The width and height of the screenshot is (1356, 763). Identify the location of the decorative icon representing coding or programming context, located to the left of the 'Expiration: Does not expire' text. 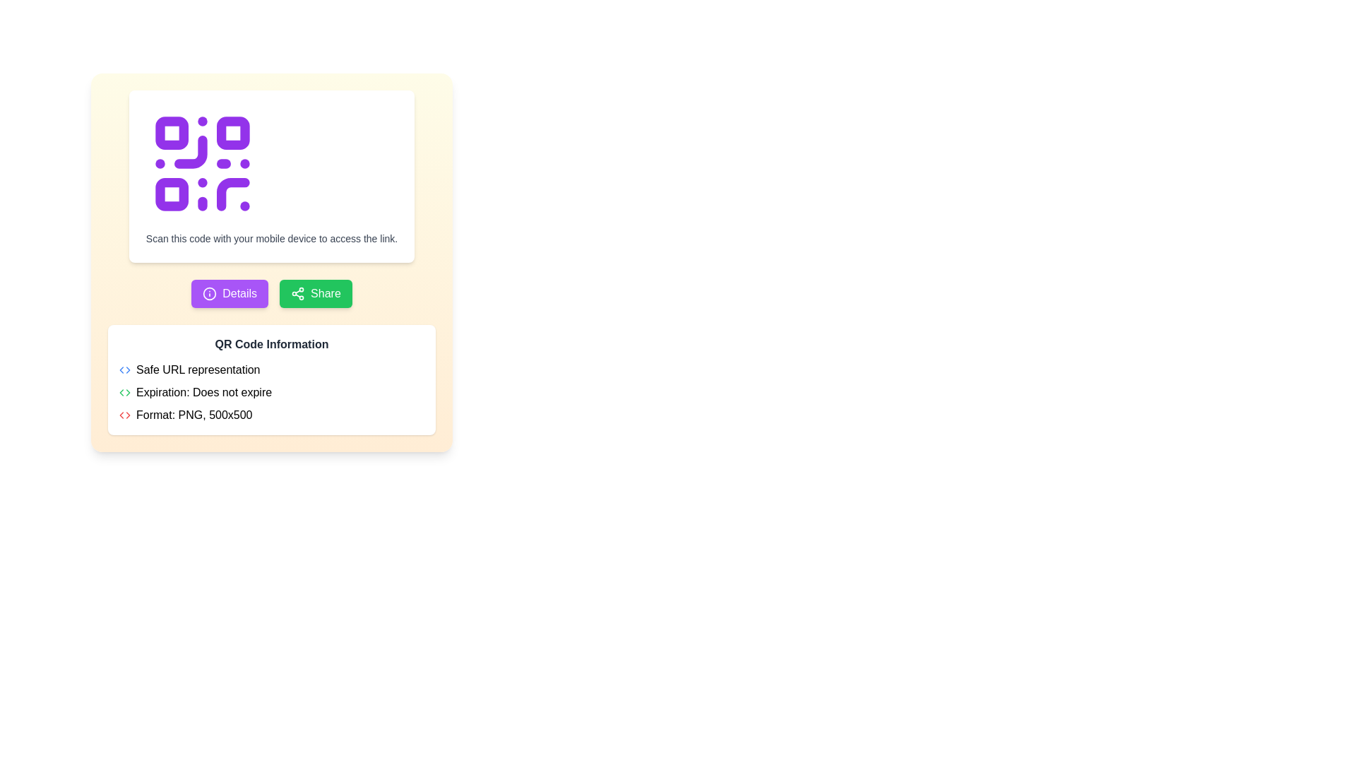
(125, 392).